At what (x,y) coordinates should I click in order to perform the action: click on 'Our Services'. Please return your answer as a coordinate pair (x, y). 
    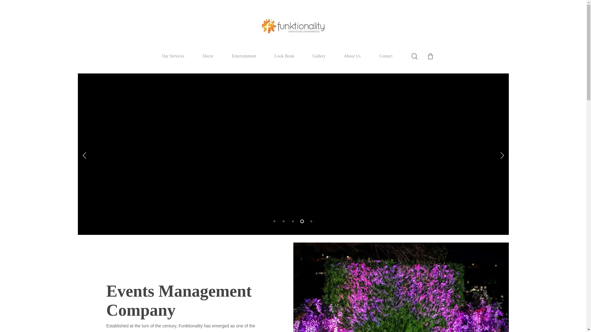
    Looking at the image, I should click on (173, 56).